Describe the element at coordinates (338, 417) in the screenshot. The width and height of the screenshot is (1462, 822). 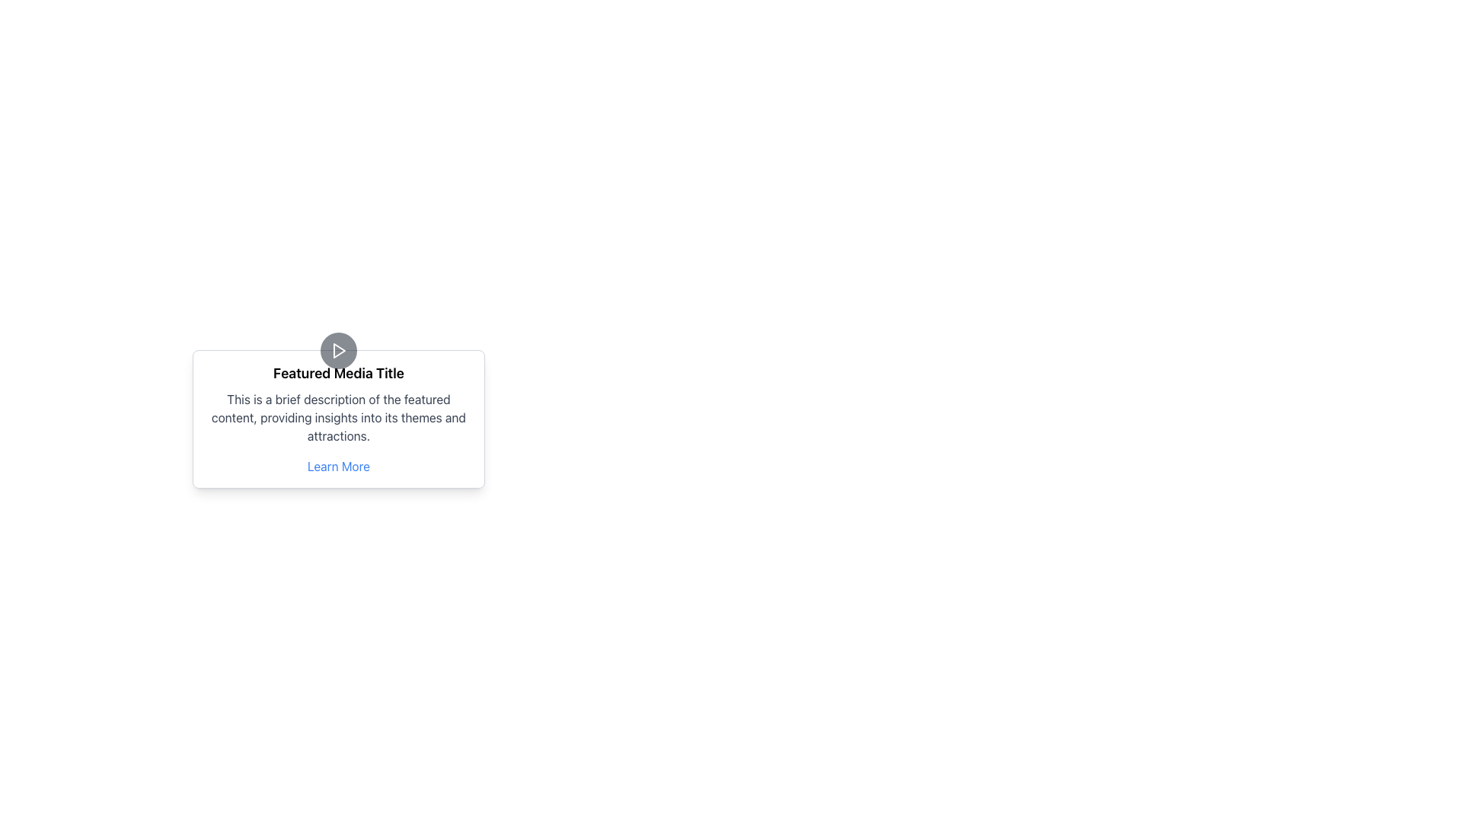
I see `the multi-line textual description in gray font that reads 'This is a brief description of the featured content, providing insights into its themes and attractions.' This text is located below the title 'Featured Media Title' and above the 'Learn More' link` at that location.